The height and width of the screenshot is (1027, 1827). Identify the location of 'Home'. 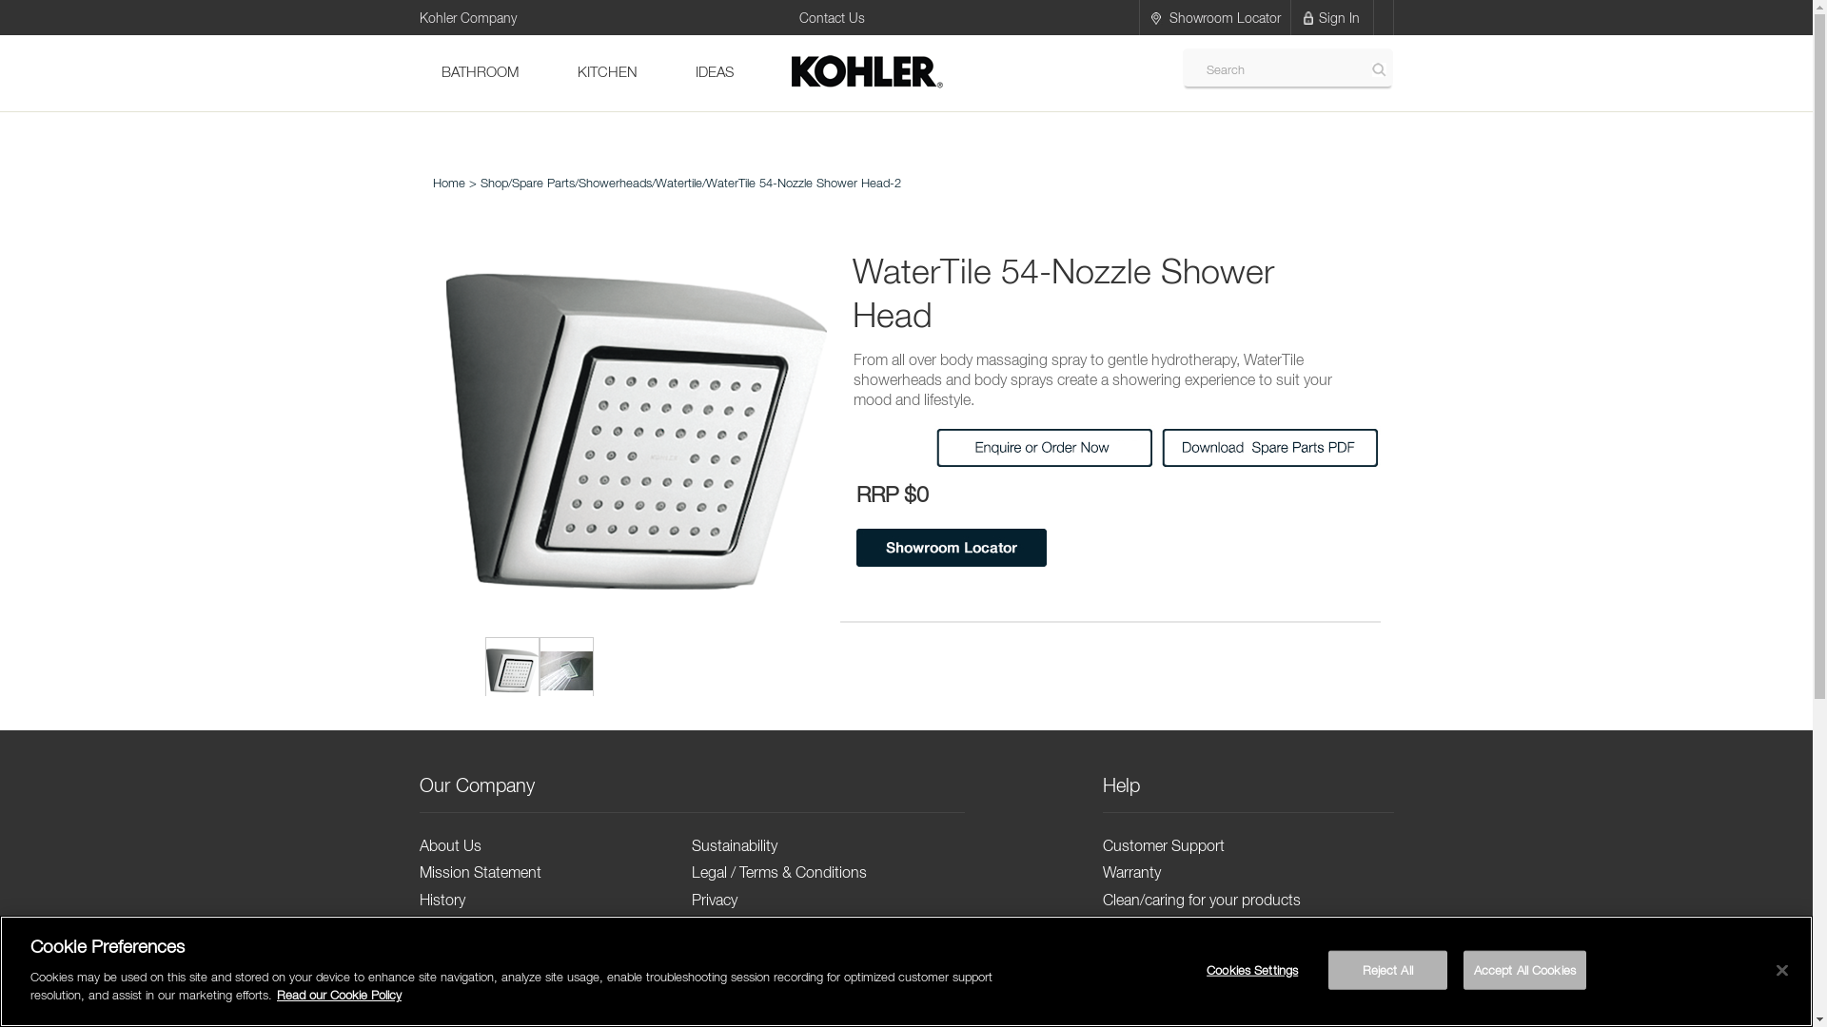
(446, 183).